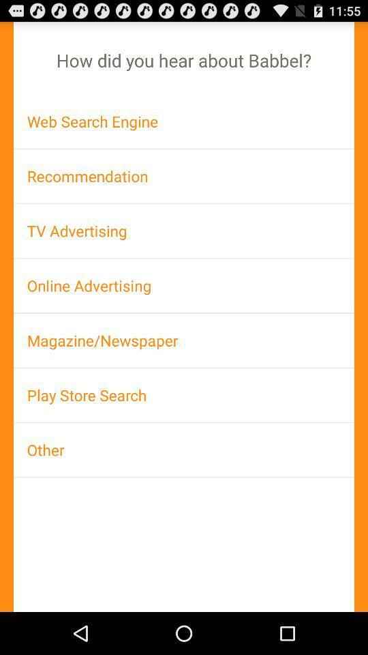 The height and width of the screenshot is (655, 368). Describe the element at coordinates (184, 175) in the screenshot. I see `app below the web search engine icon` at that location.